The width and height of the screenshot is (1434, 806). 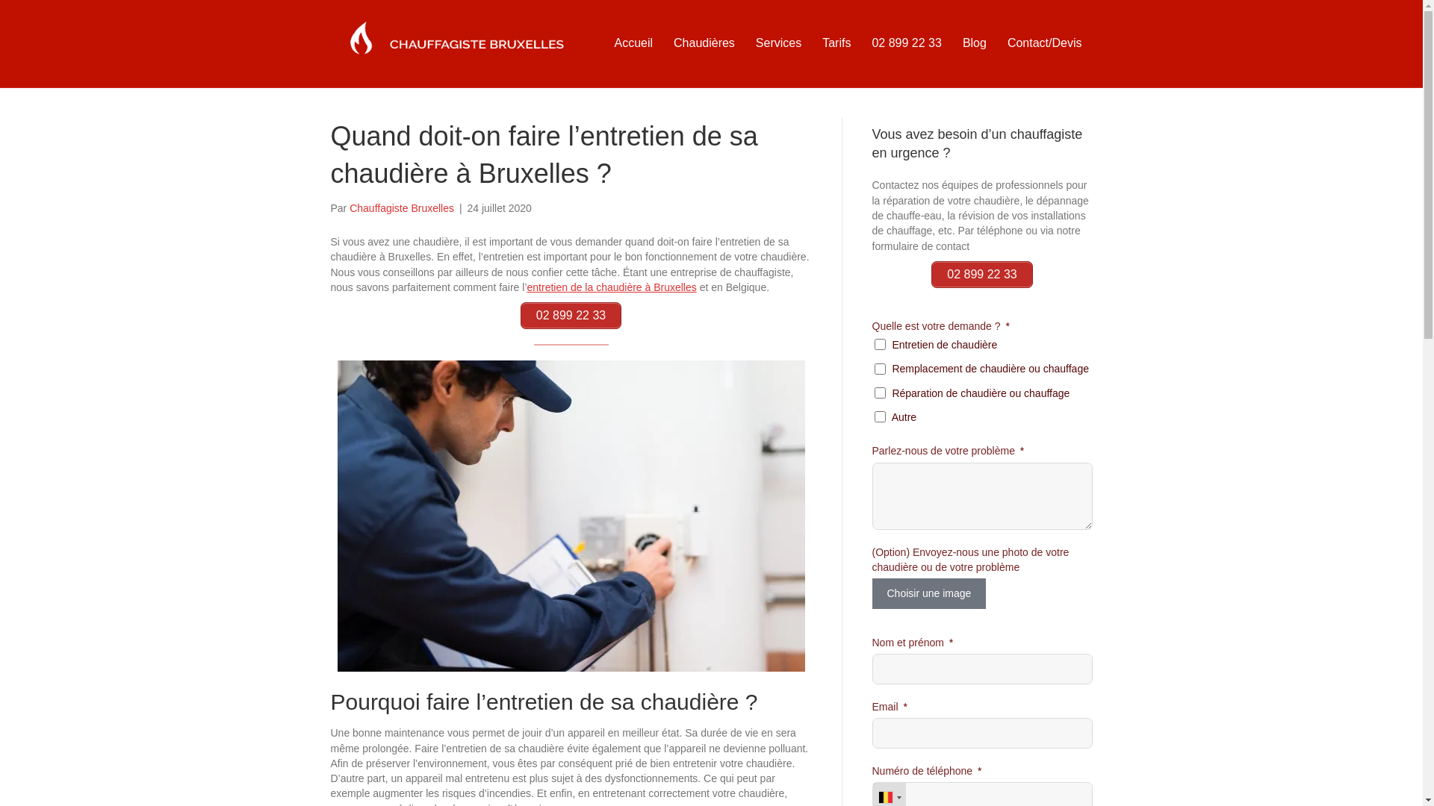 What do you see at coordinates (745, 42) in the screenshot?
I see `'Services'` at bounding box center [745, 42].